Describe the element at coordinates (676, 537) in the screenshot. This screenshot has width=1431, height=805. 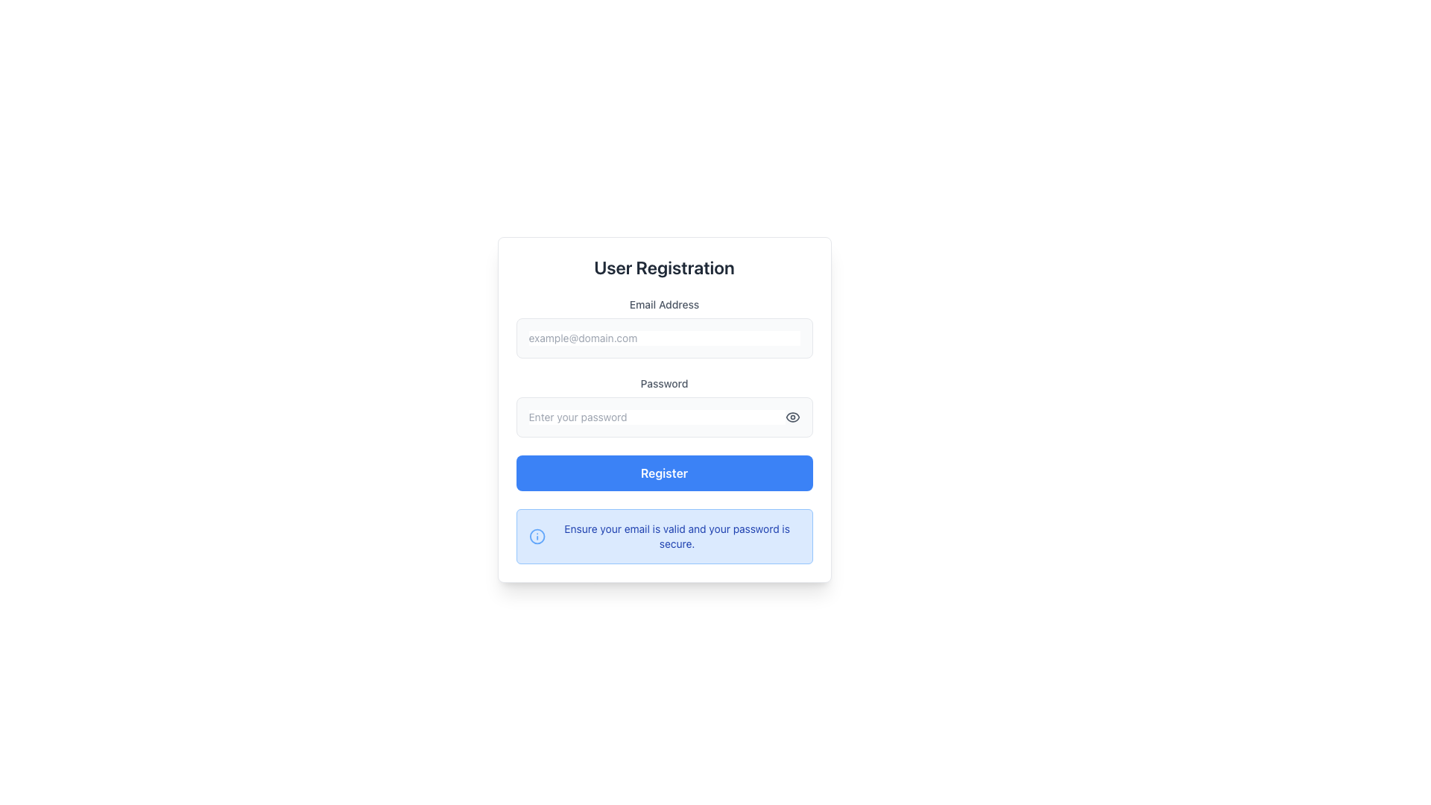
I see `the informational Text Block located in the notification box below the registration form, which provides guidance for secure registration inputs` at that location.